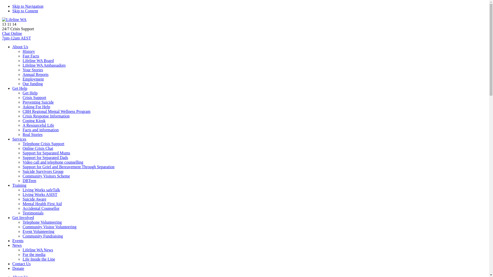 Image resolution: width=493 pixels, height=277 pixels. I want to click on 'Event Volunteering', so click(38, 231).